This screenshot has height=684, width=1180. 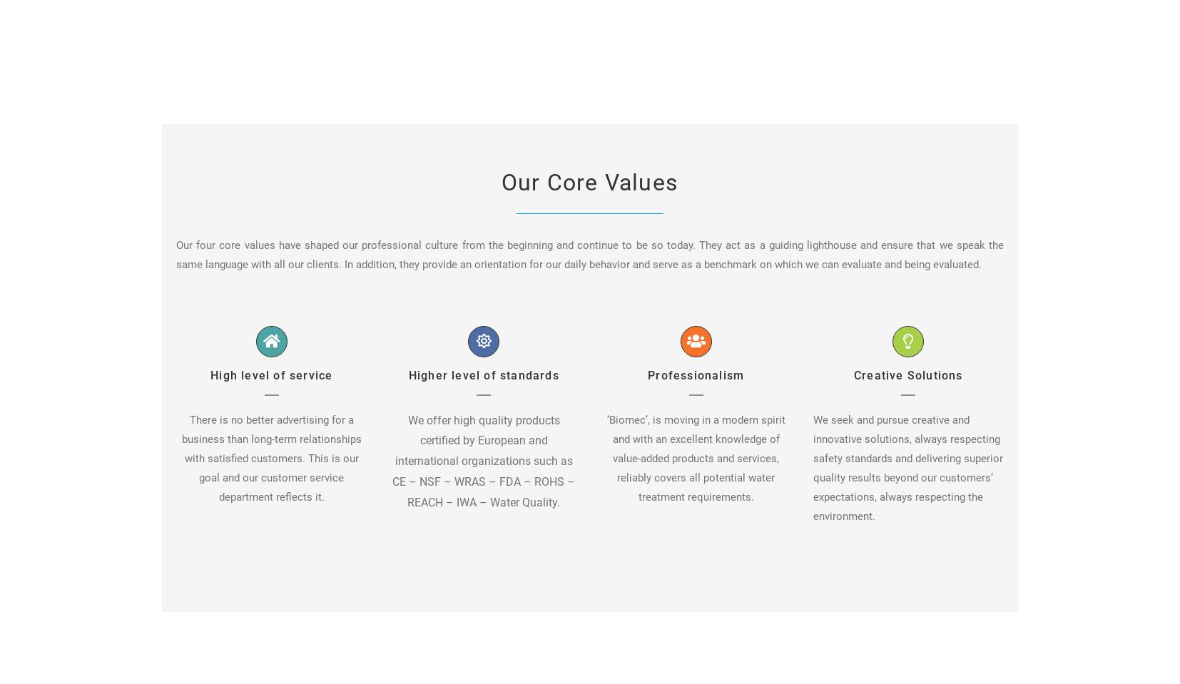 I want to click on 'COMPLETED PROJECTS', so click(x=481, y=16).